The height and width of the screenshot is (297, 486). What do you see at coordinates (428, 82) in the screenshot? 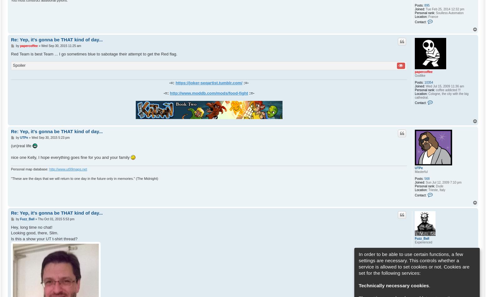
I see `'10354'` at bounding box center [428, 82].